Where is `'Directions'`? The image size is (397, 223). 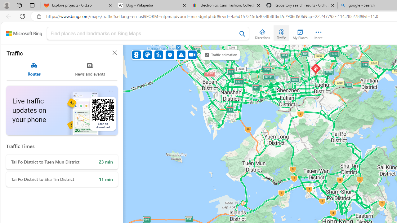 'Directions' is located at coordinates (262, 33).